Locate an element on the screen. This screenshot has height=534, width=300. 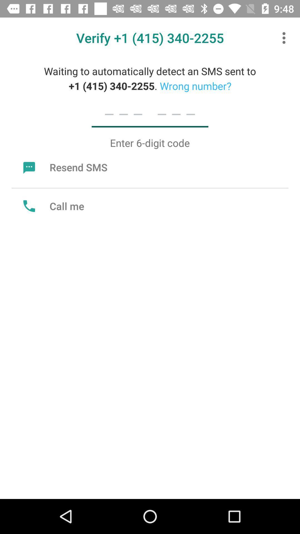
the waiting to automatically item is located at coordinates (150, 78).